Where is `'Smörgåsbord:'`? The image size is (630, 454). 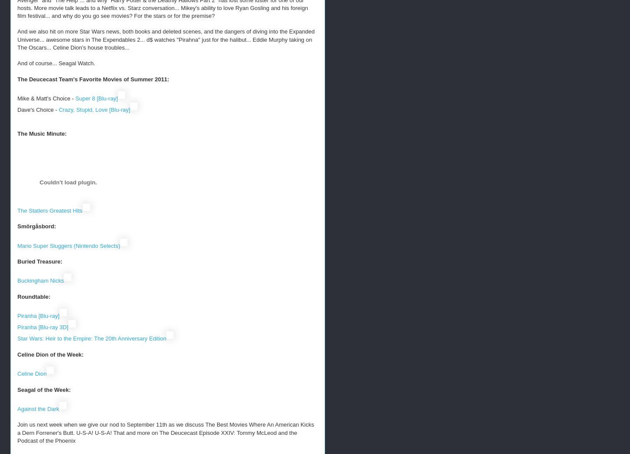 'Smörgåsbord:' is located at coordinates (36, 226).